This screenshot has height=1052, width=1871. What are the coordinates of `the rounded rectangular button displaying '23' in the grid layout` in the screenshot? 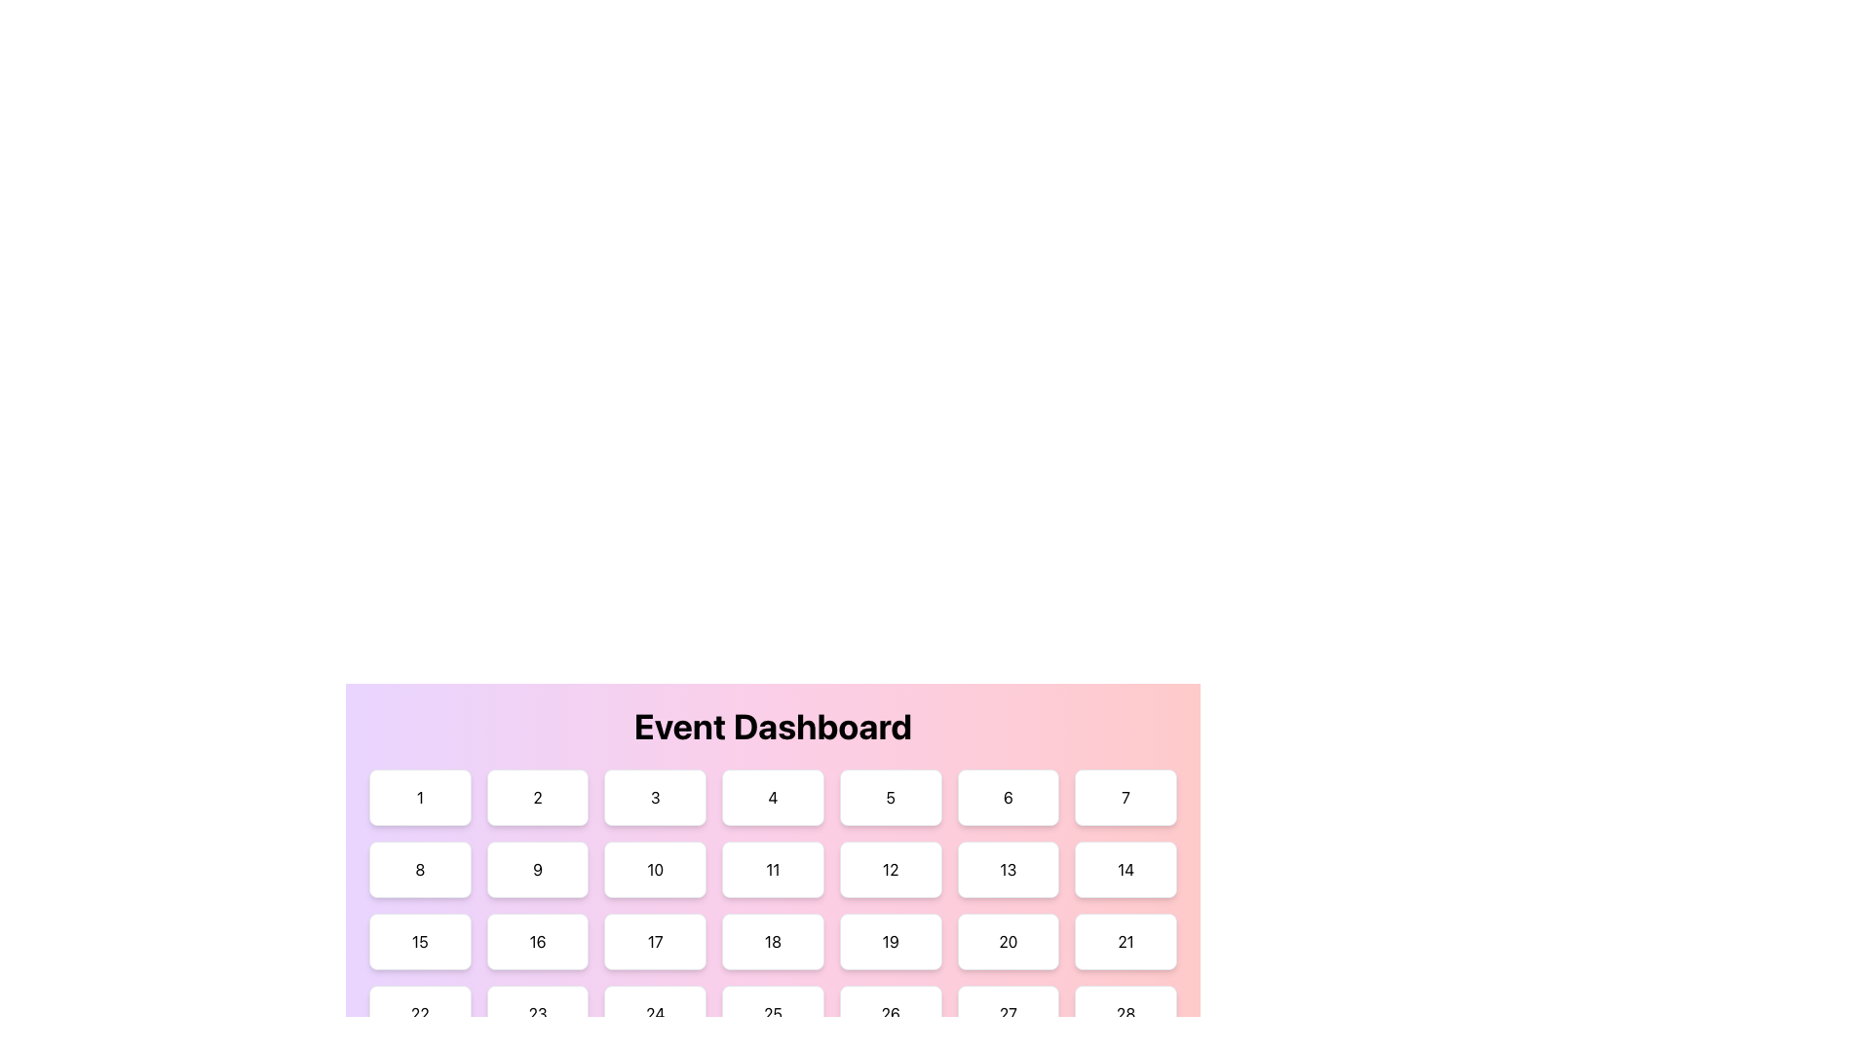 It's located at (538, 1013).